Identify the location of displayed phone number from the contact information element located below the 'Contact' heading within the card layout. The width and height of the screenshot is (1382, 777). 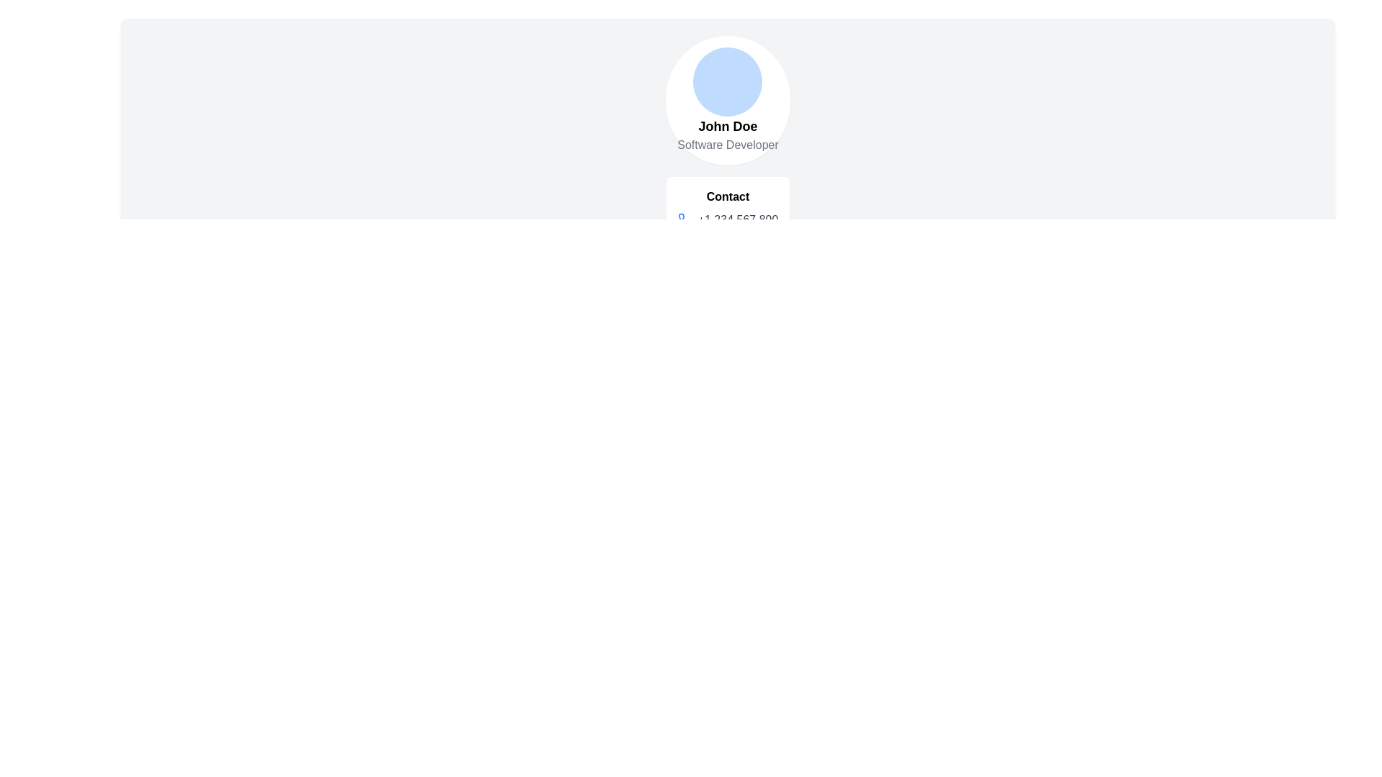
(728, 219).